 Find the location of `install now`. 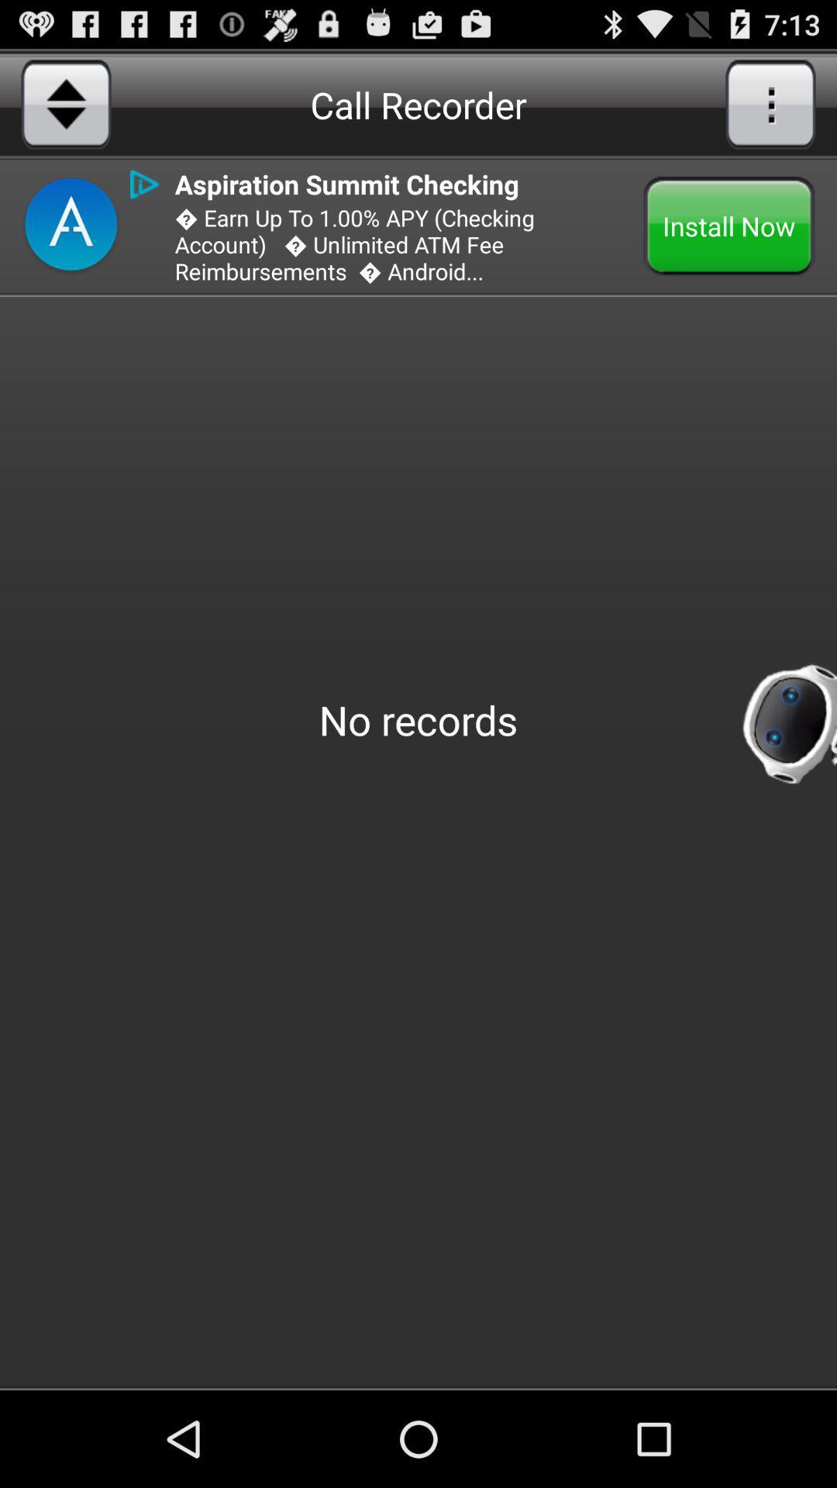

install now is located at coordinates (729, 226).